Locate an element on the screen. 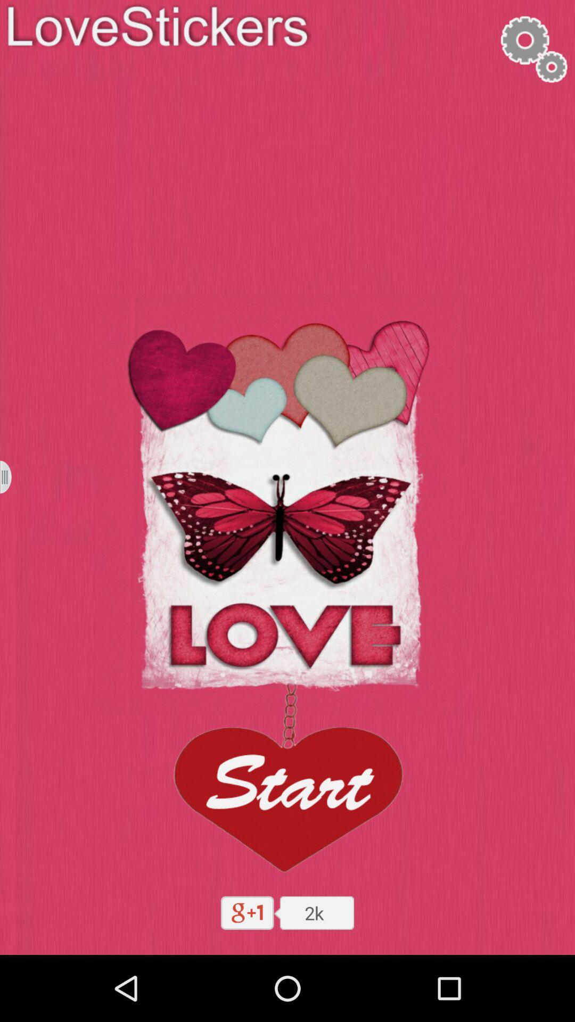 This screenshot has width=575, height=1022. access settings is located at coordinates (533, 48).